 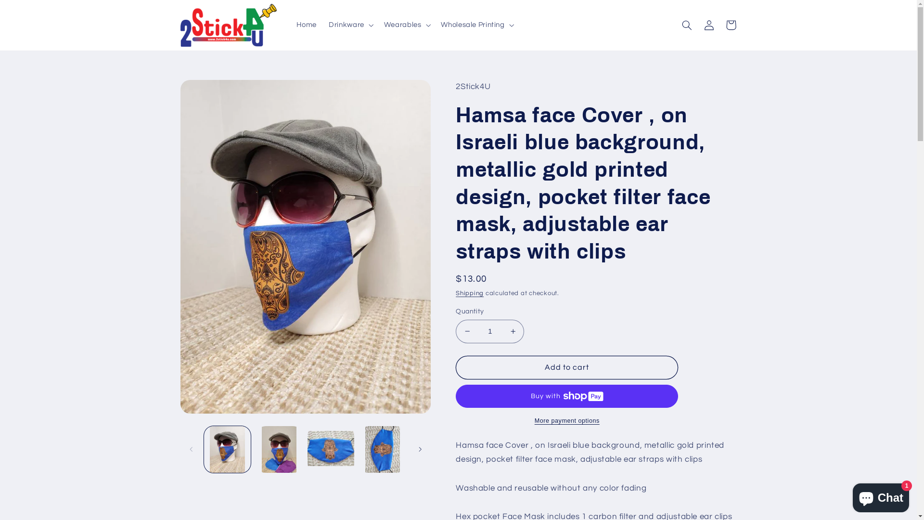 I want to click on 'More payment options', so click(x=566, y=420).